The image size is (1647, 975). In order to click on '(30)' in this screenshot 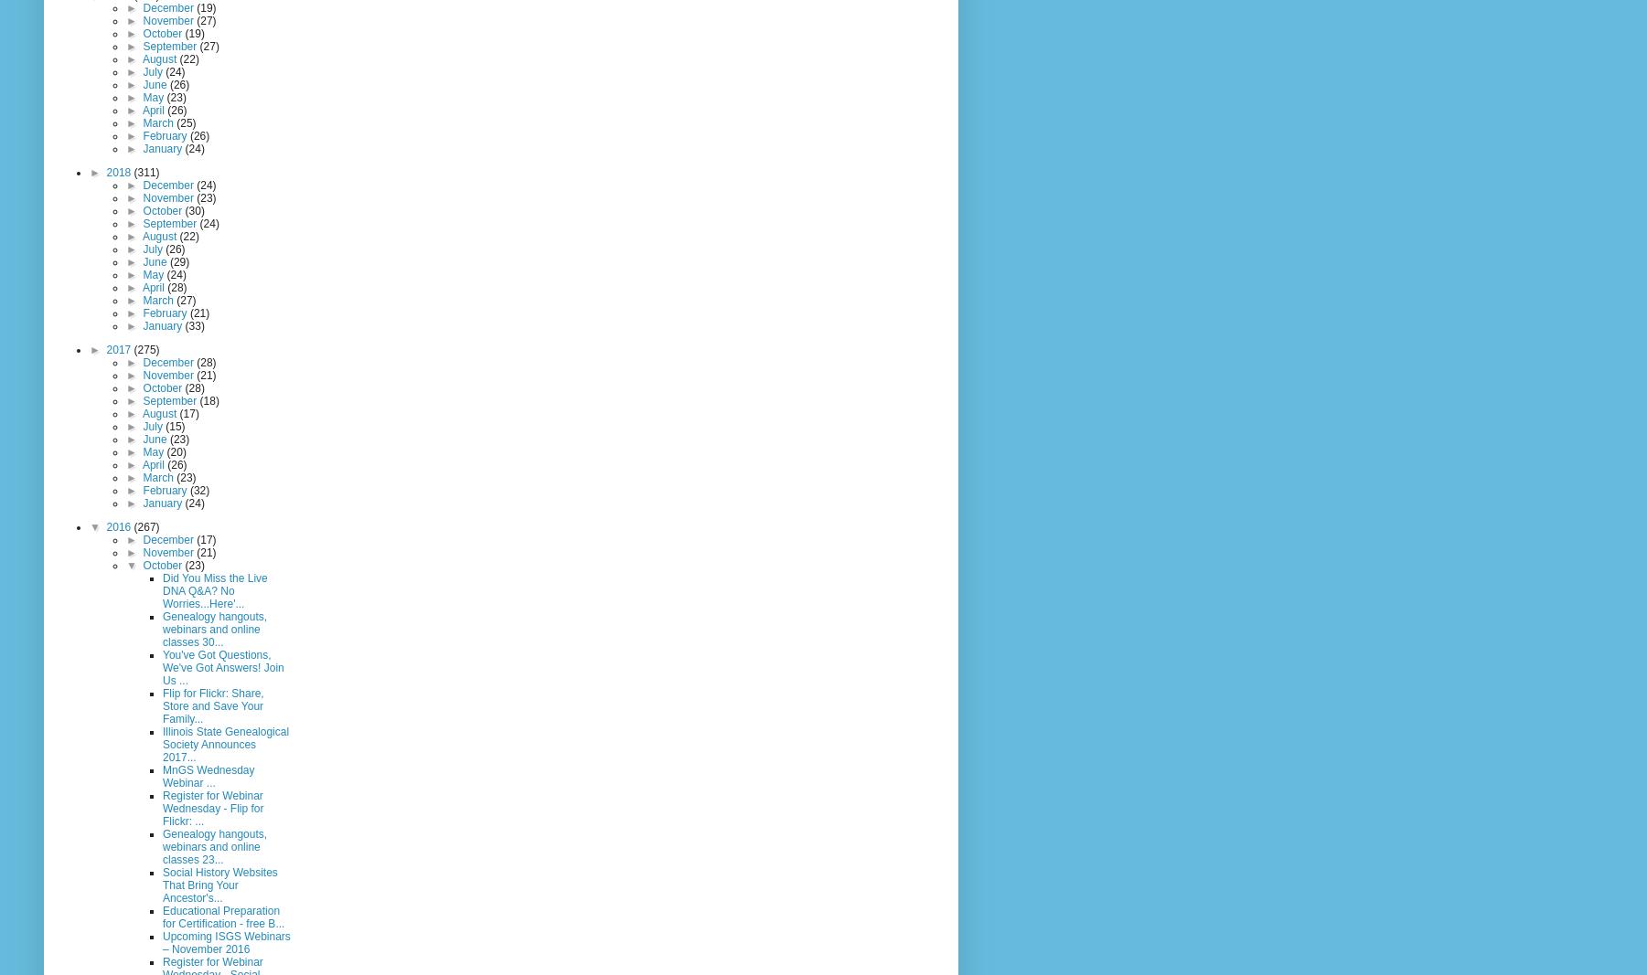, I will do `click(193, 210)`.